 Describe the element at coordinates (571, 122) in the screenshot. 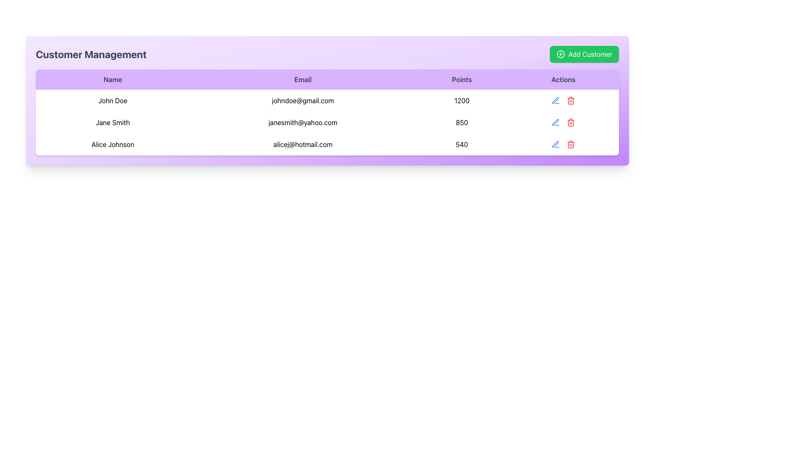

I see `the delete button located in the third row under the 'Actions' column of the user data table` at that location.